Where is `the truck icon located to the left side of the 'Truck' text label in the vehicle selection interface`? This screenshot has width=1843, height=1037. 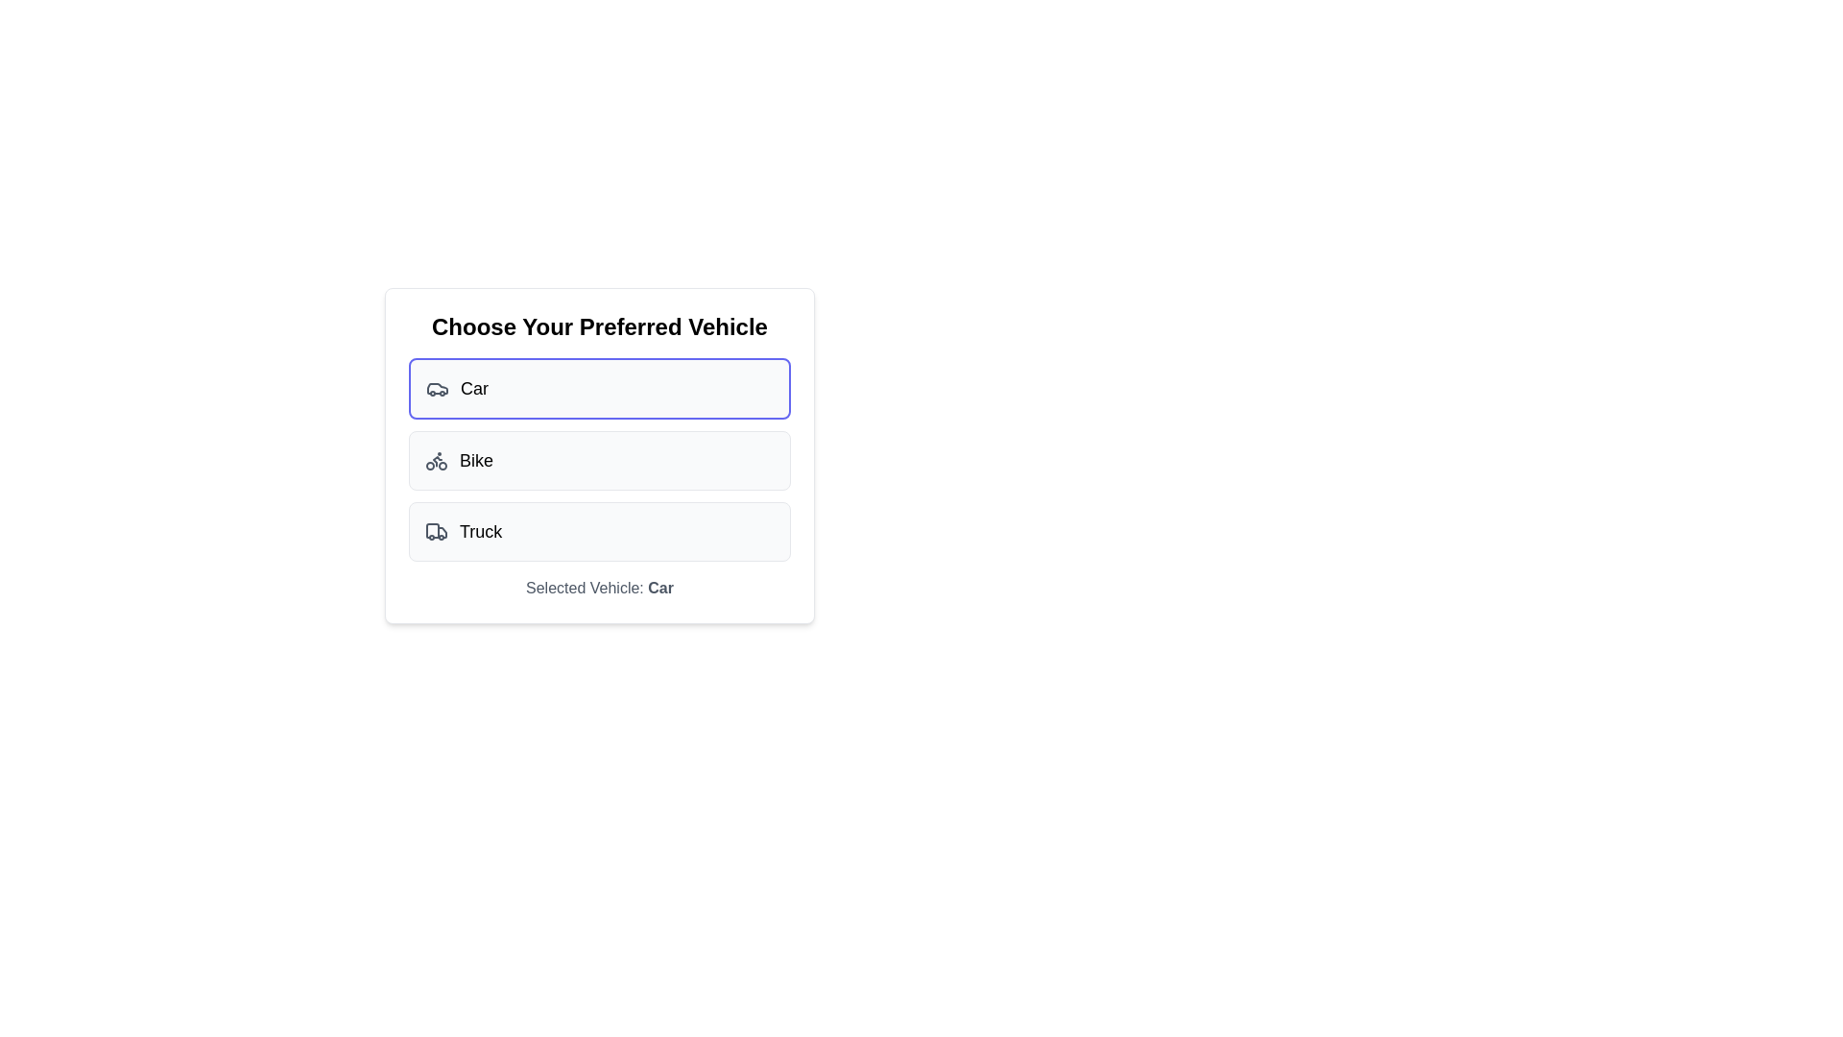 the truck icon located to the left side of the 'Truck' text label in the vehicle selection interface is located at coordinates (436, 532).